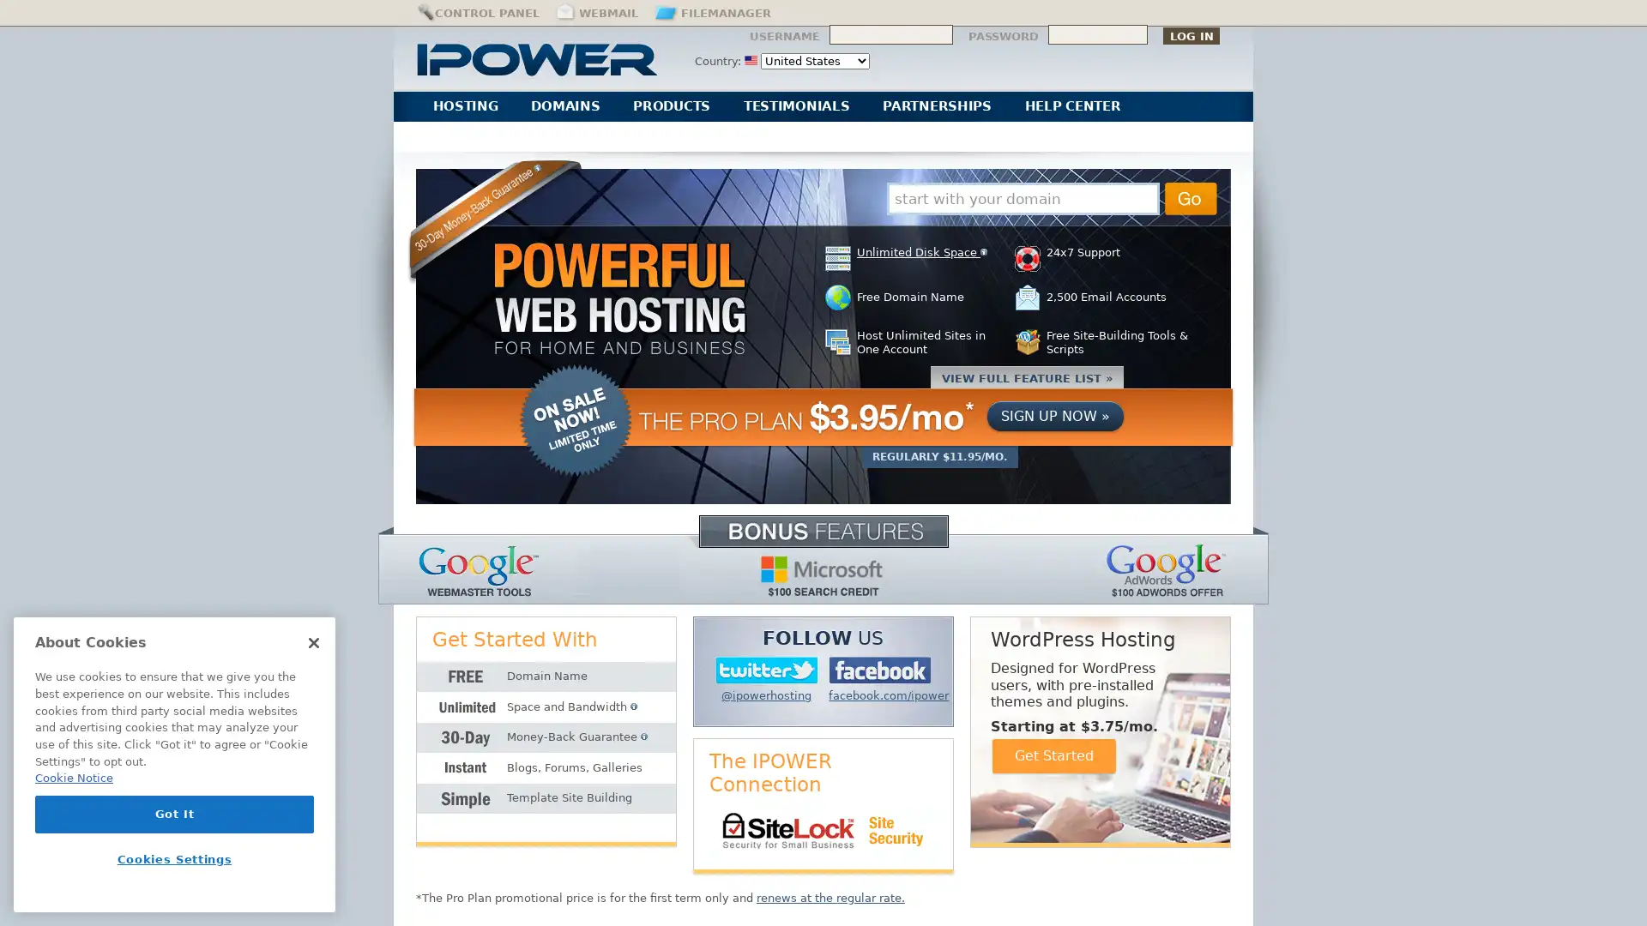 This screenshot has width=1647, height=926. What do you see at coordinates (1618, 839) in the screenshot?
I see `Explore your accessibility options` at bounding box center [1618, 839].